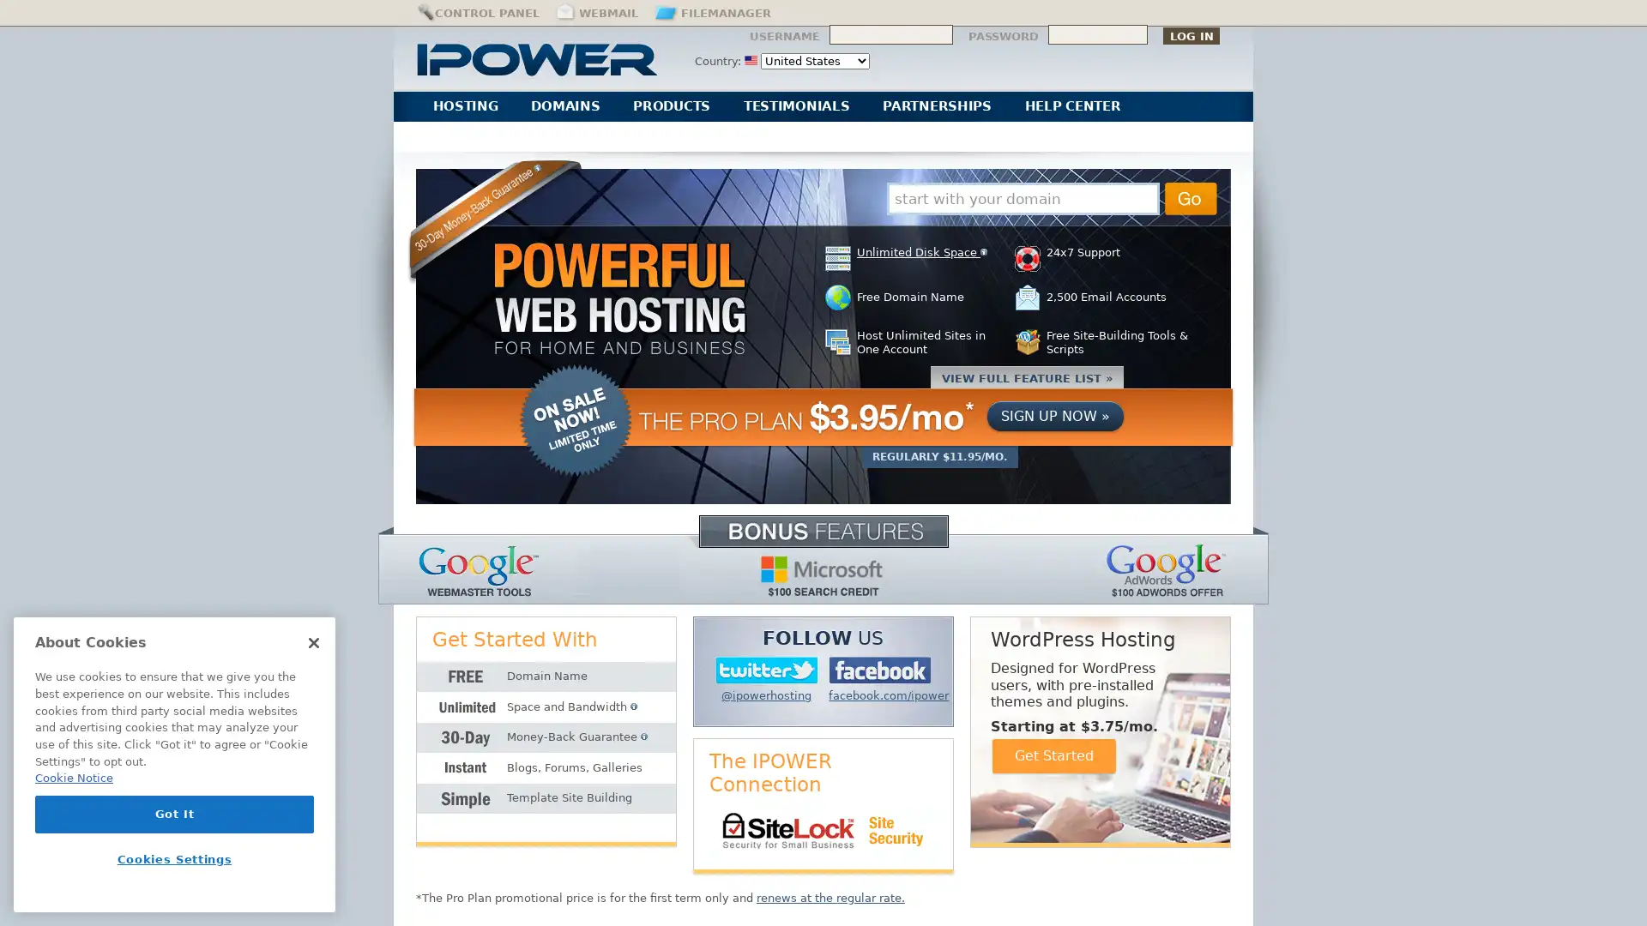 This screenshot has width=1647, height=926. What do you see at coordinates (1618, 839) in the screenshot?
I see `Explore your accessibility options` at bounding box center [1618, 839].